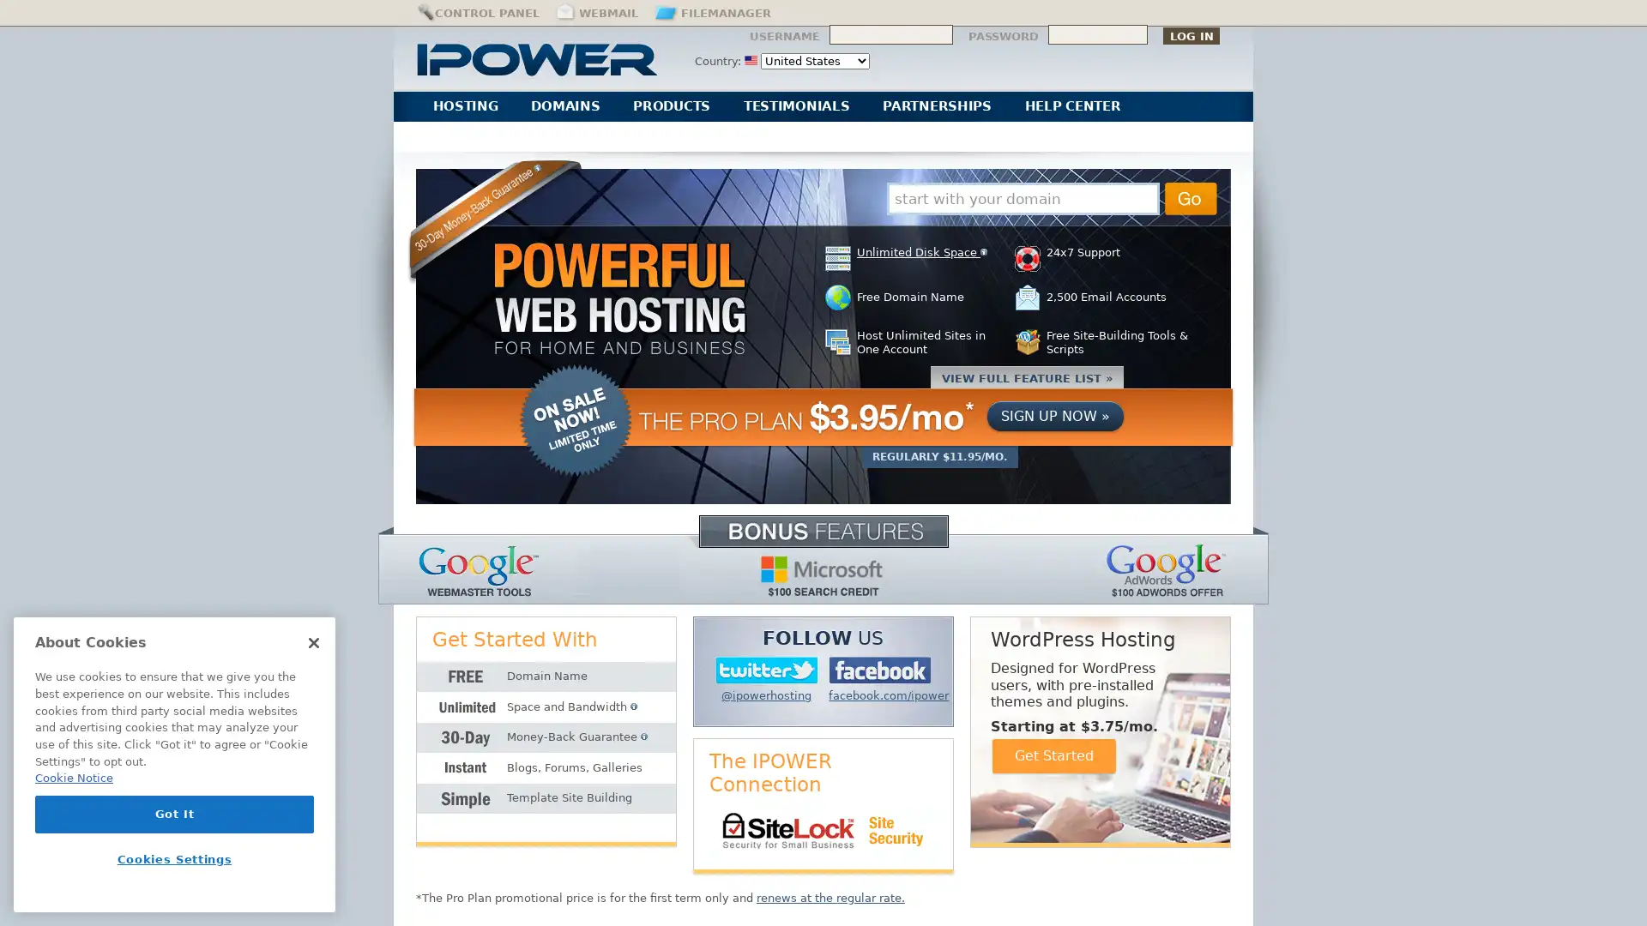 This screenshot has width=1647, height=926. What do you see at coordinates (1618, 839) in the screenshot?
I see `Explore your accessibility options` at bounding box center [1618, 839].